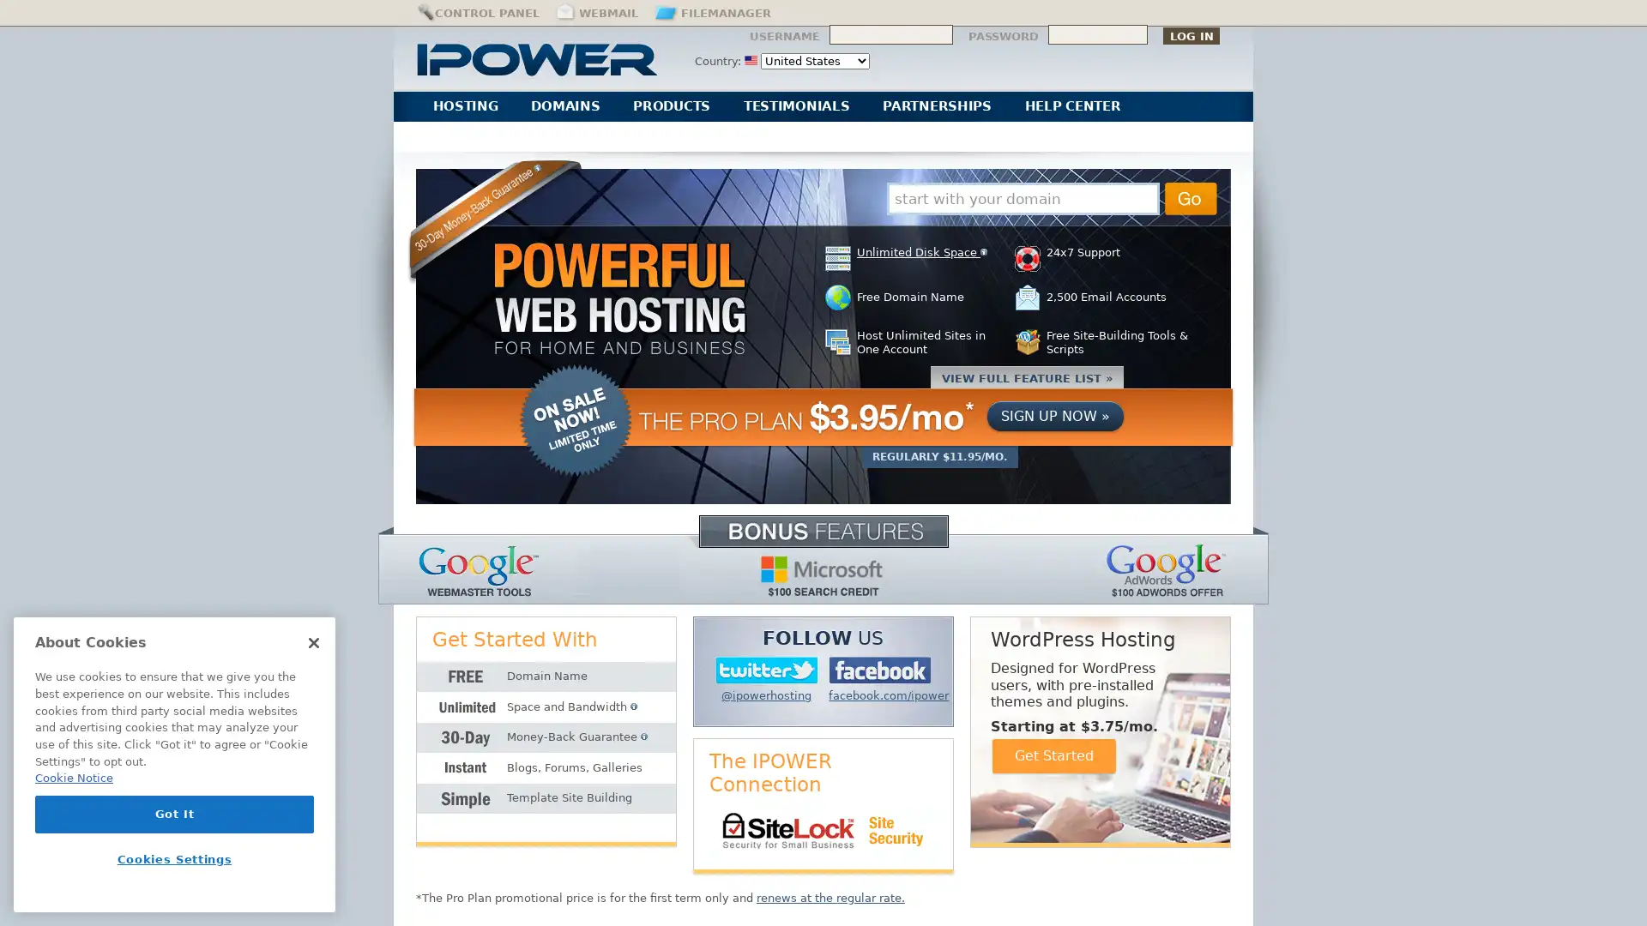 This screenshot has width=1647, height=926. What do you see at coordinates (1618, 839) in the screenshot?
I see `Explore your accessibility options` at bounding box center [1618, 839].